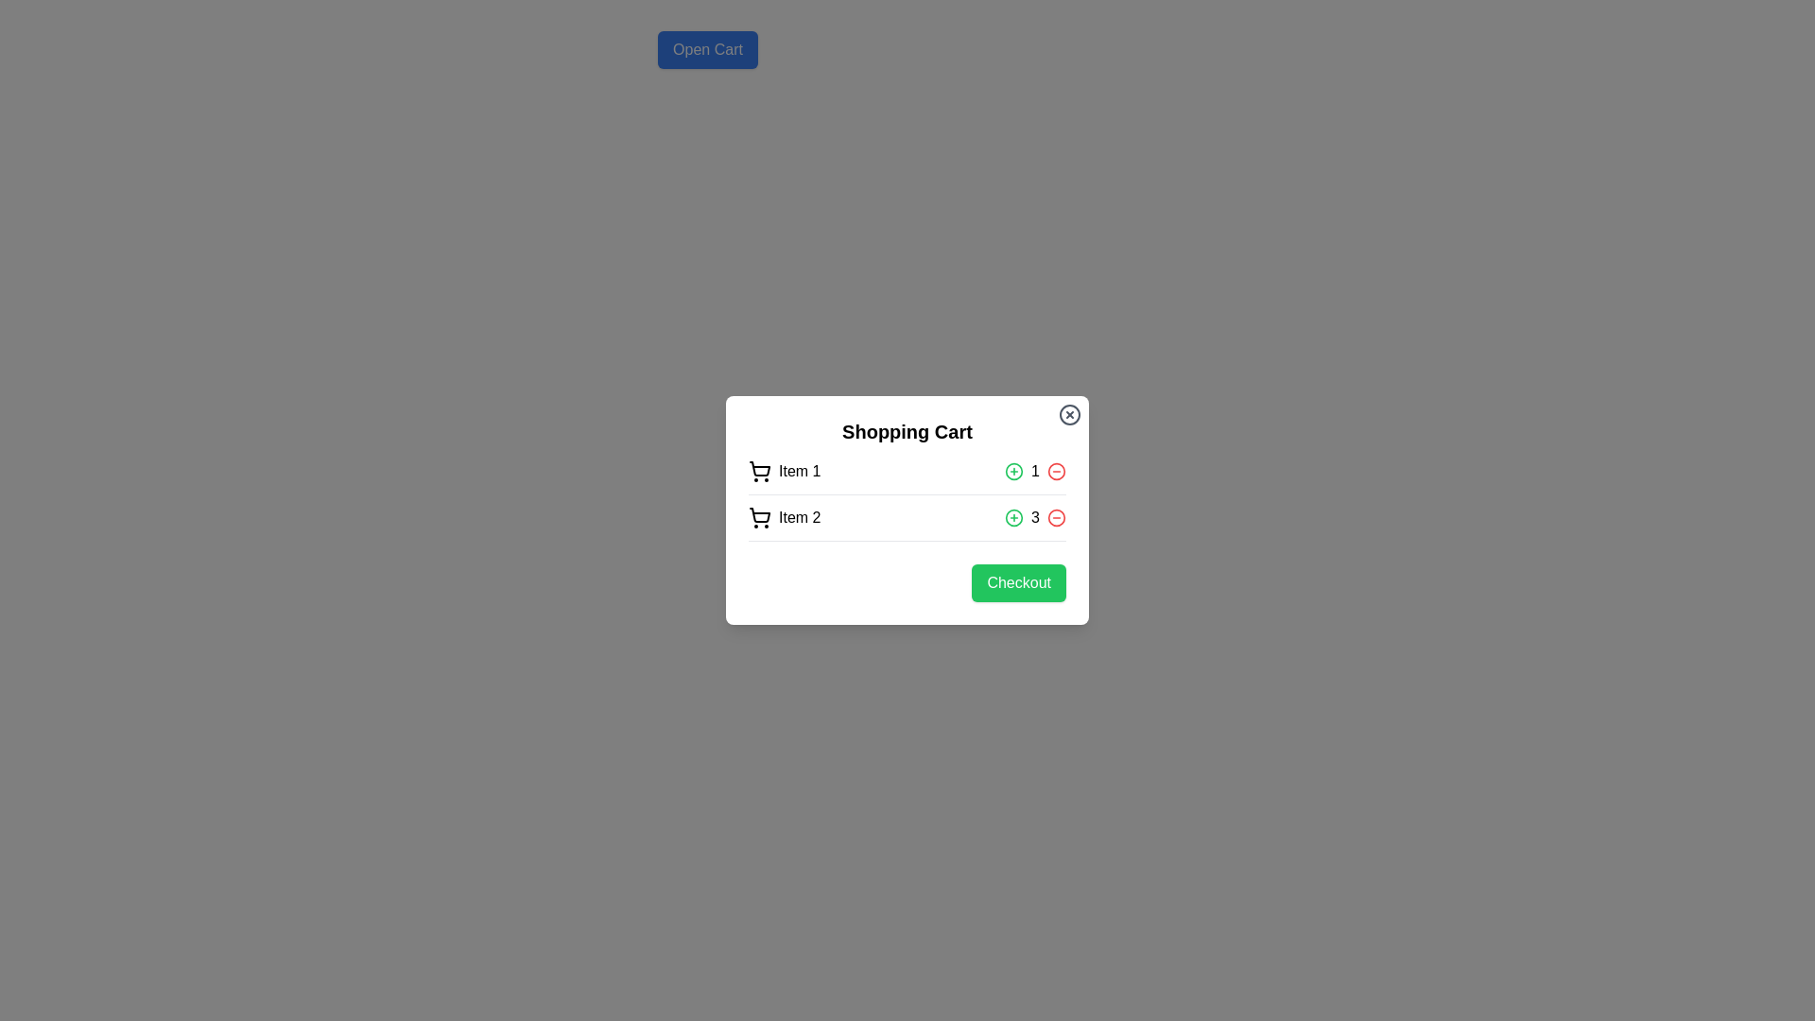  What do you see at coordinates (1056, 517) in the screenshot?
I see `the circular element in the SVG graphic that is part of the controls for 'Item 2' in the shopping cart dialog` at bounding box center [1056, 517].